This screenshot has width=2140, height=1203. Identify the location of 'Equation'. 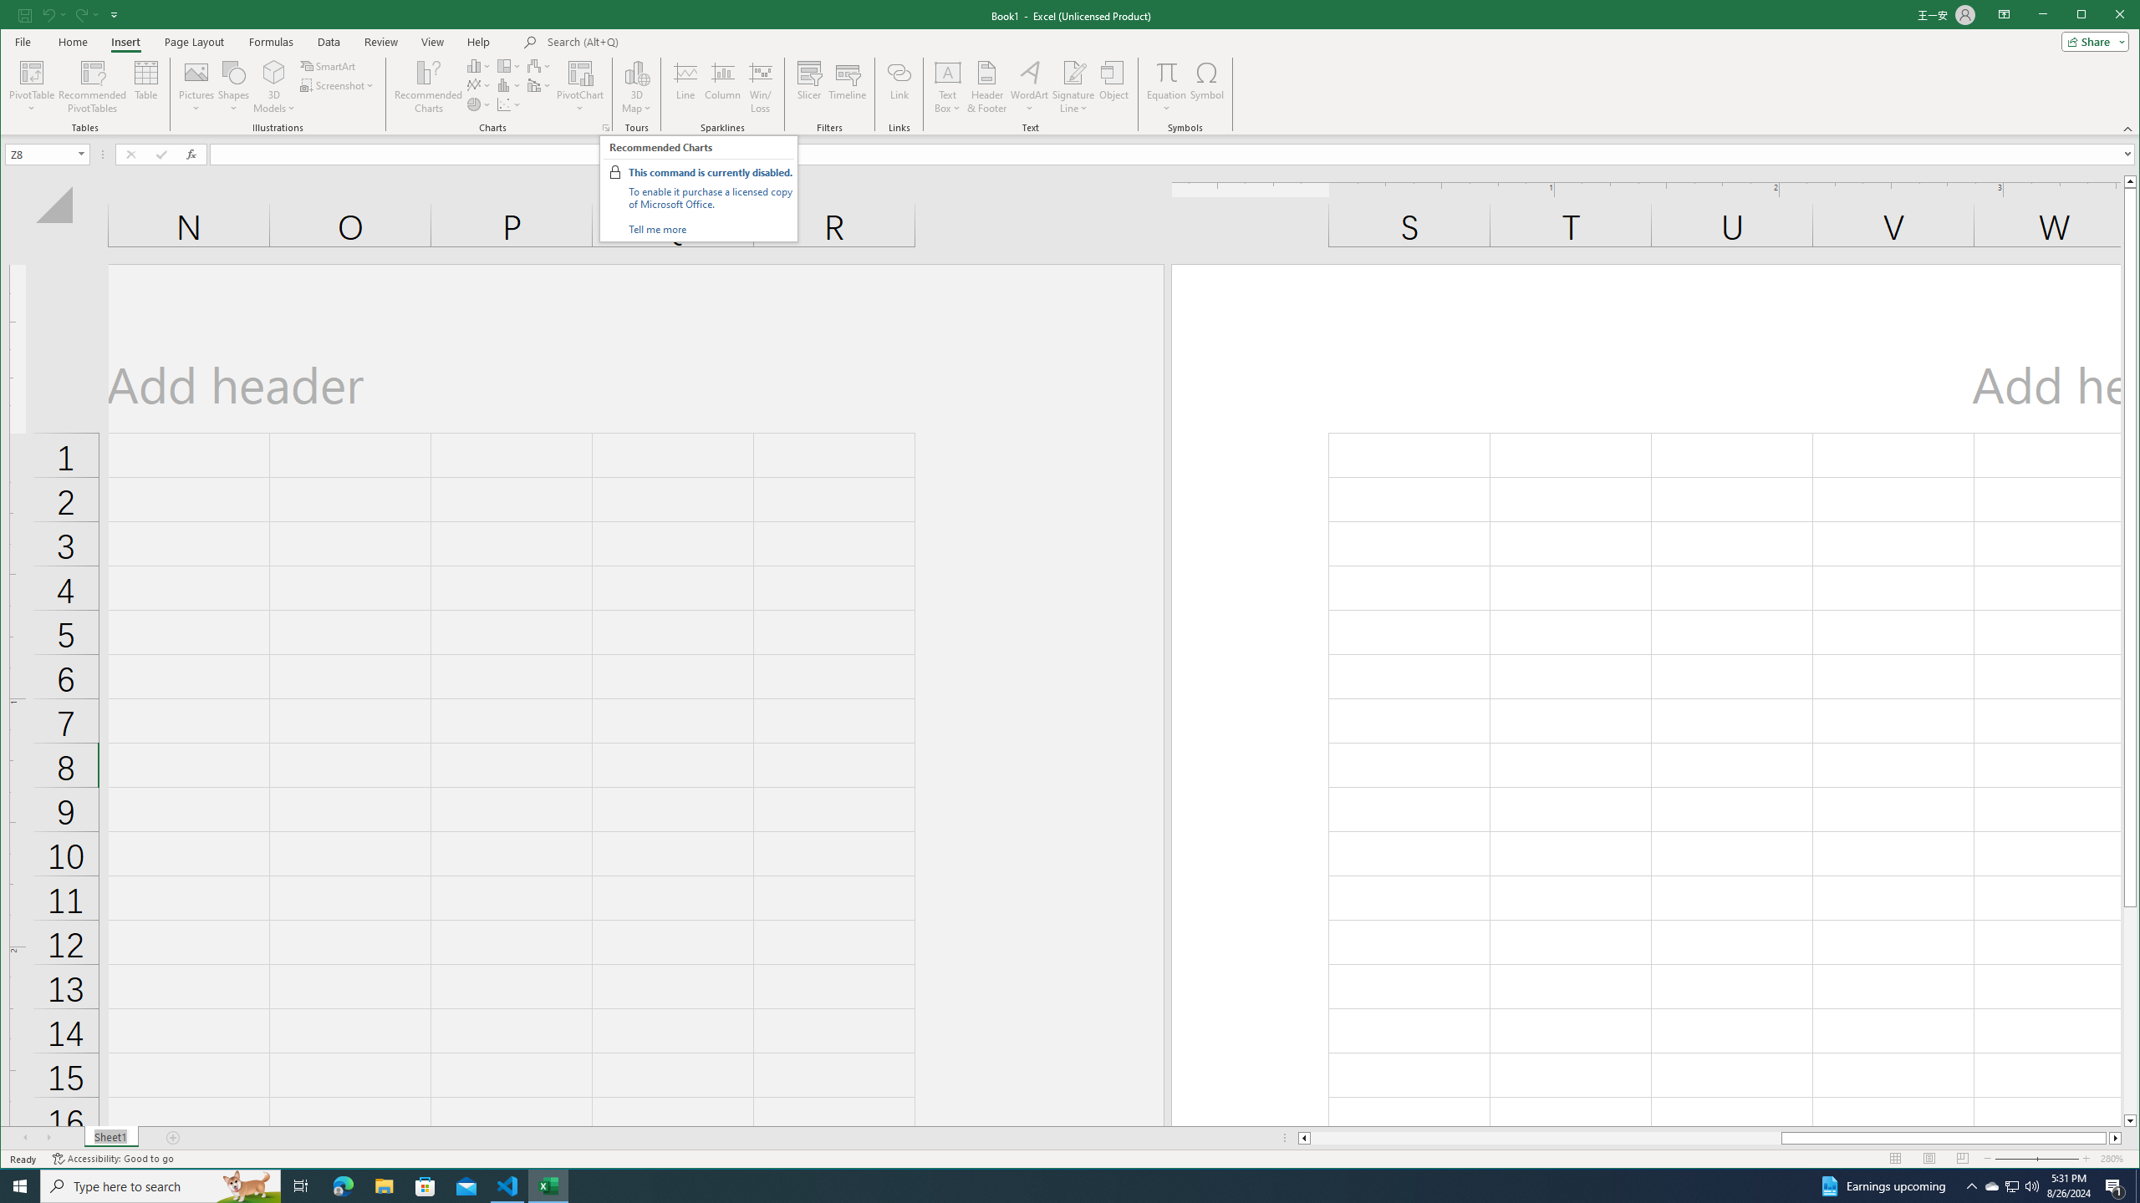
(1165, 71).